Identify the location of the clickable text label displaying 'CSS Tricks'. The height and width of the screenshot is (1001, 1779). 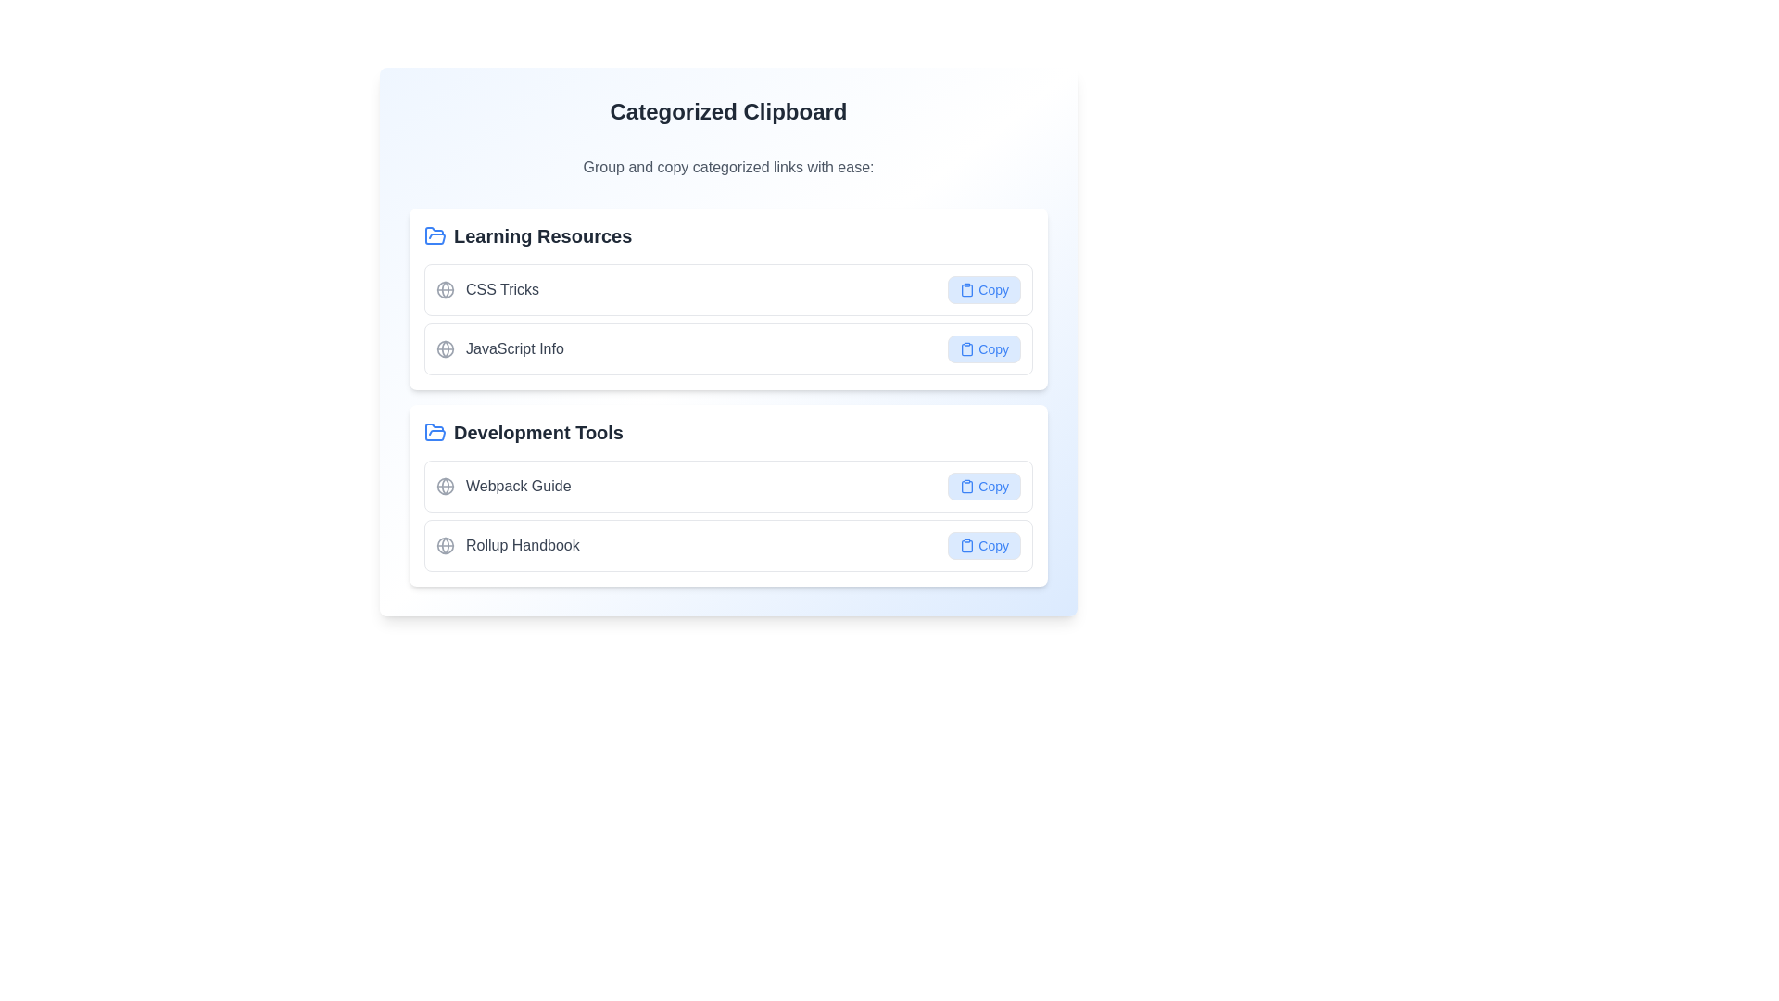
(502, 289).